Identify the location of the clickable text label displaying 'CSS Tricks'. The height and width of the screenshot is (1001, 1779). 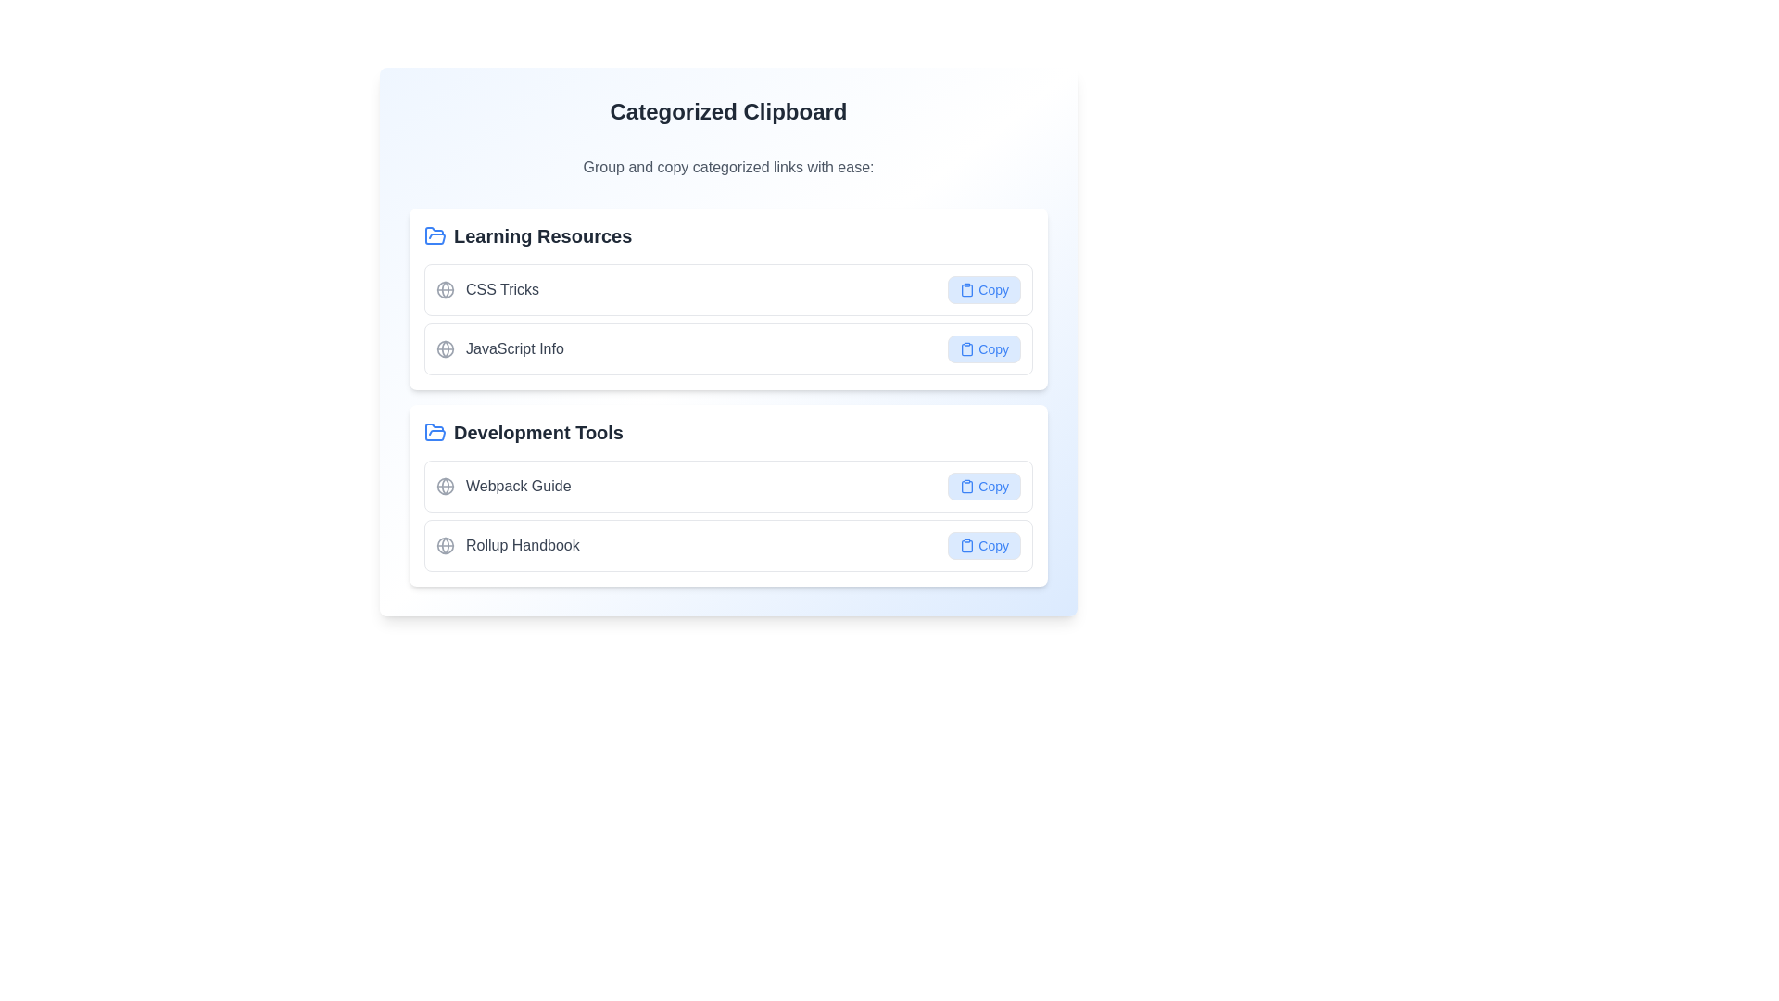
(502, 289).